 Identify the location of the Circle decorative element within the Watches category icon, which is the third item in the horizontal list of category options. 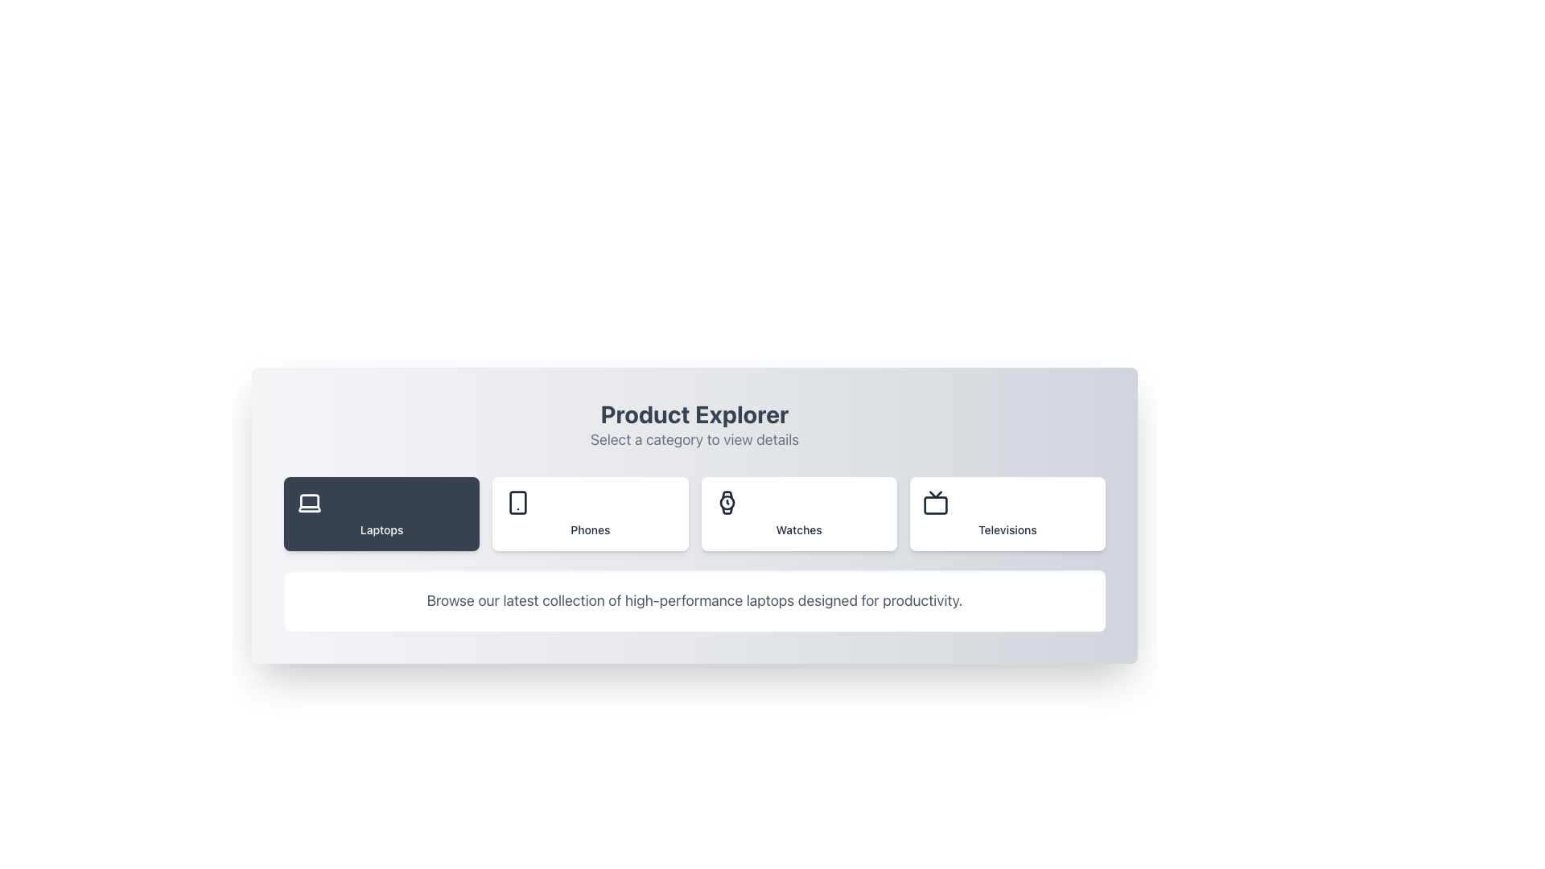
(726, 501).